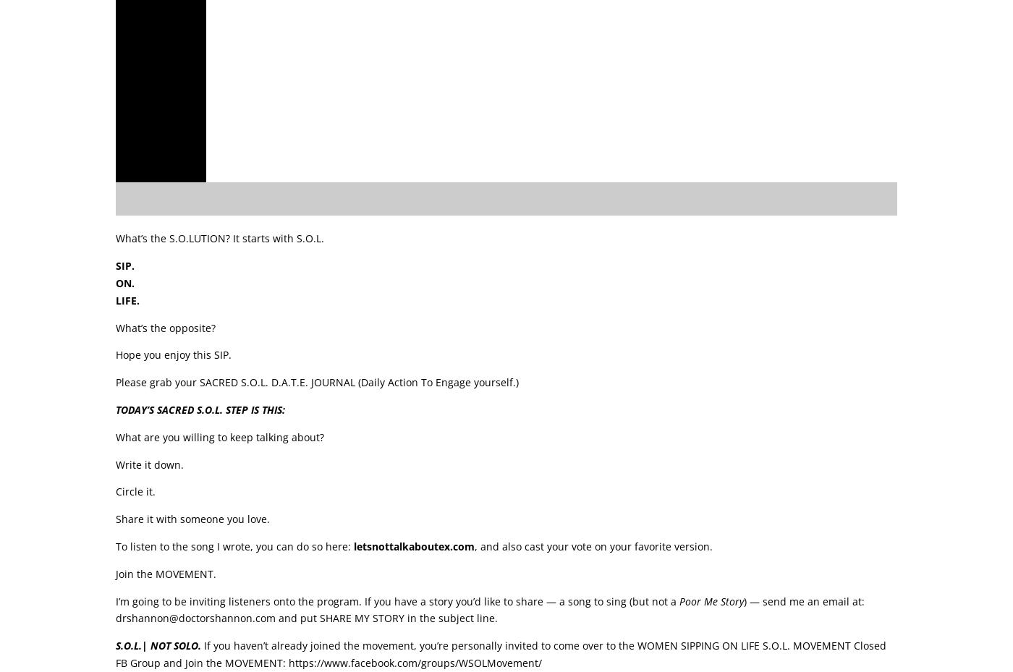 The height and width of the screenshot is (672, 1013). What do you see at coordinates (593, 545) in the screenshot?
I see `', and also cast your vote on your favorite version.'` at bounding box center [593, 545].